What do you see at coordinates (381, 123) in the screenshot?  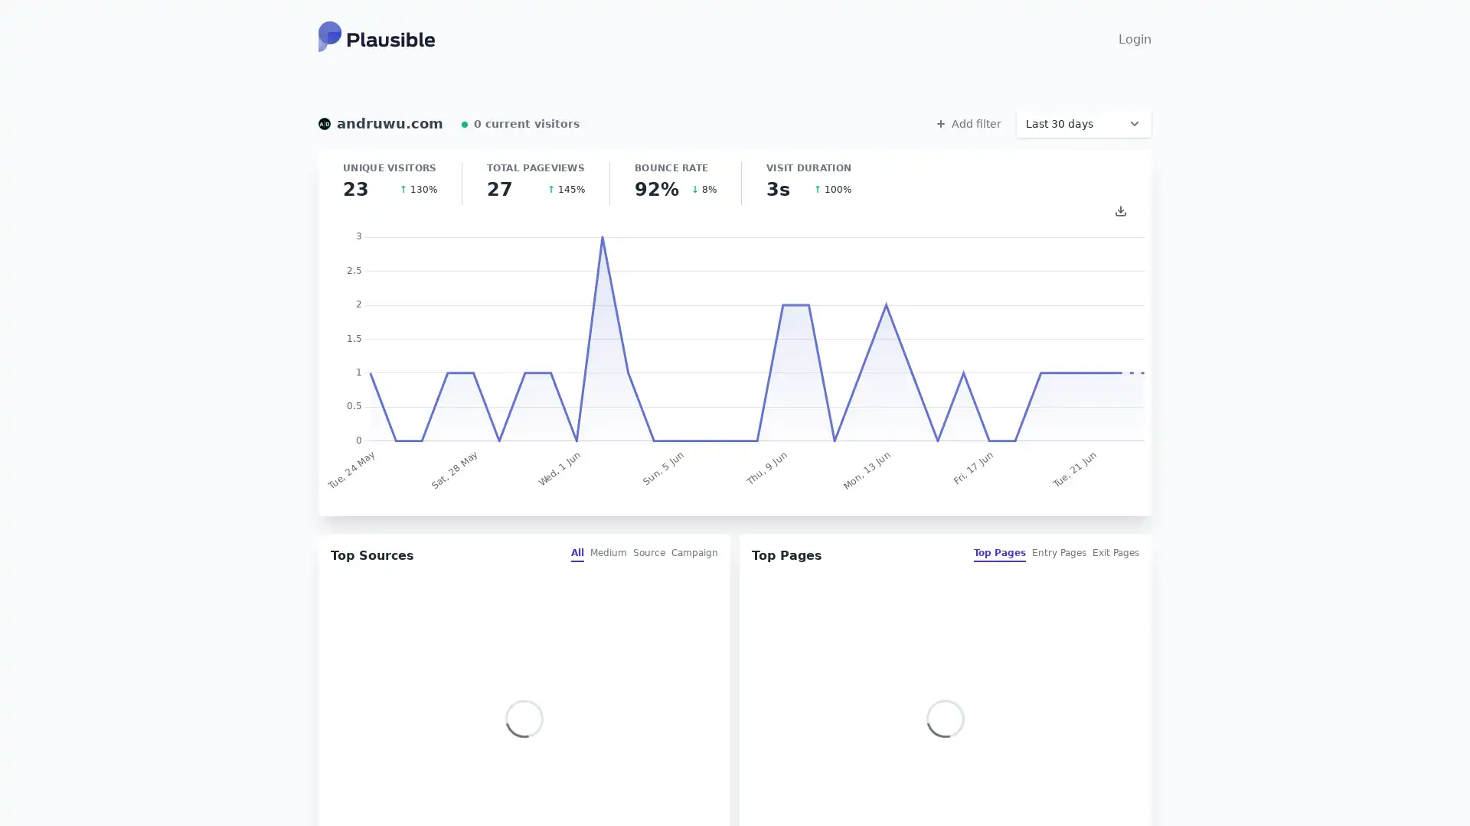 I see `andruwu.com` at bounding box center [381, 123].